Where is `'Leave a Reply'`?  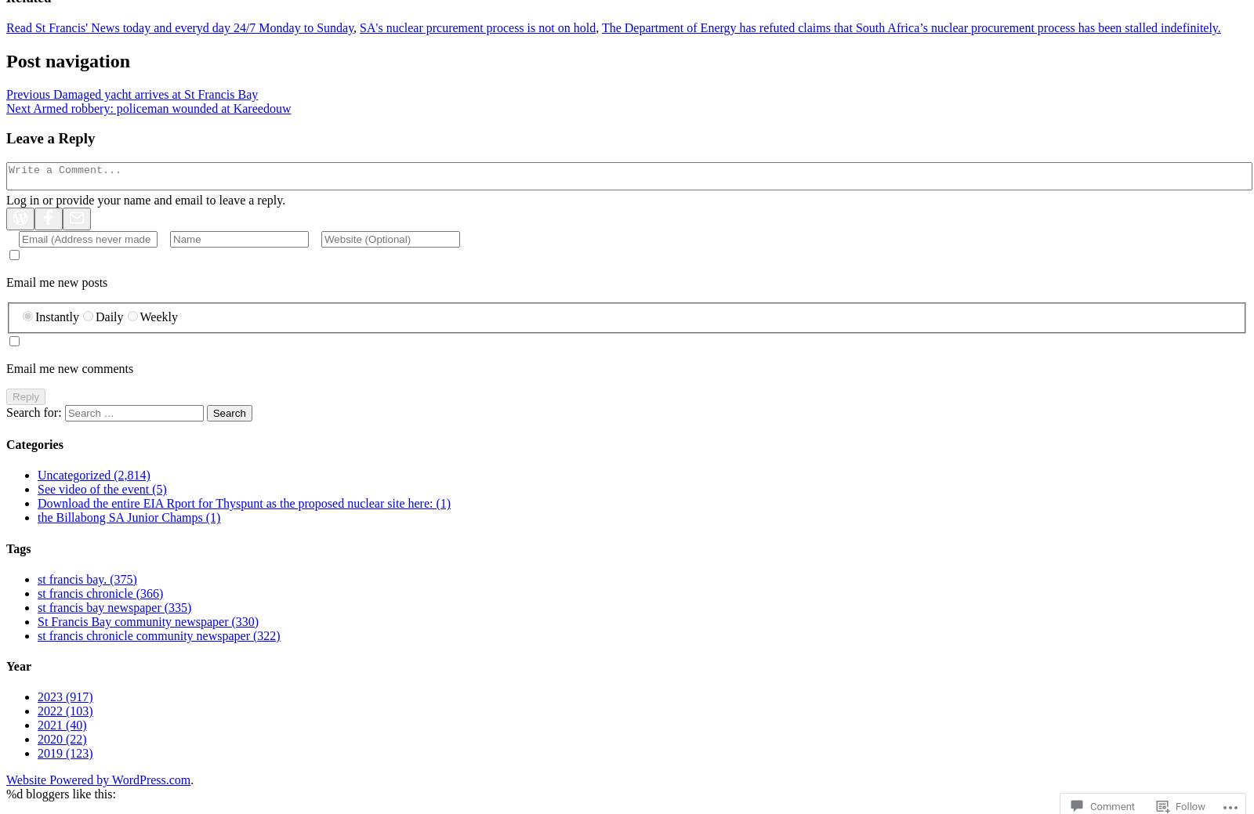
'Leave a Reply' is located at coordinates (5, 138).